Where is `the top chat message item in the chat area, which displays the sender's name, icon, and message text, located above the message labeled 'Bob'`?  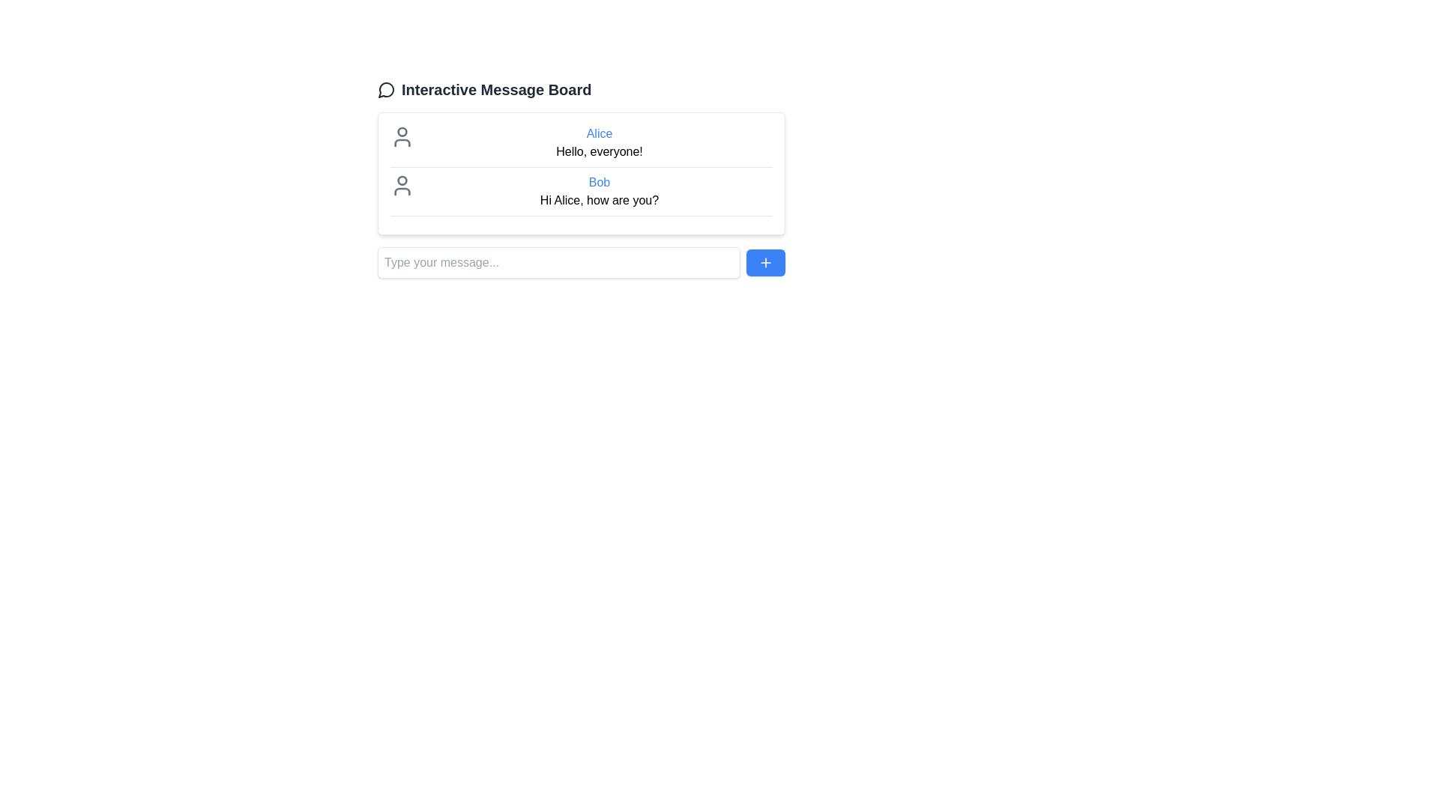 the top chat message item in the chat area, which displays the sender's name, icon, and message text, located above the message labeled 'Bob' is located at coordinates (581, 146).